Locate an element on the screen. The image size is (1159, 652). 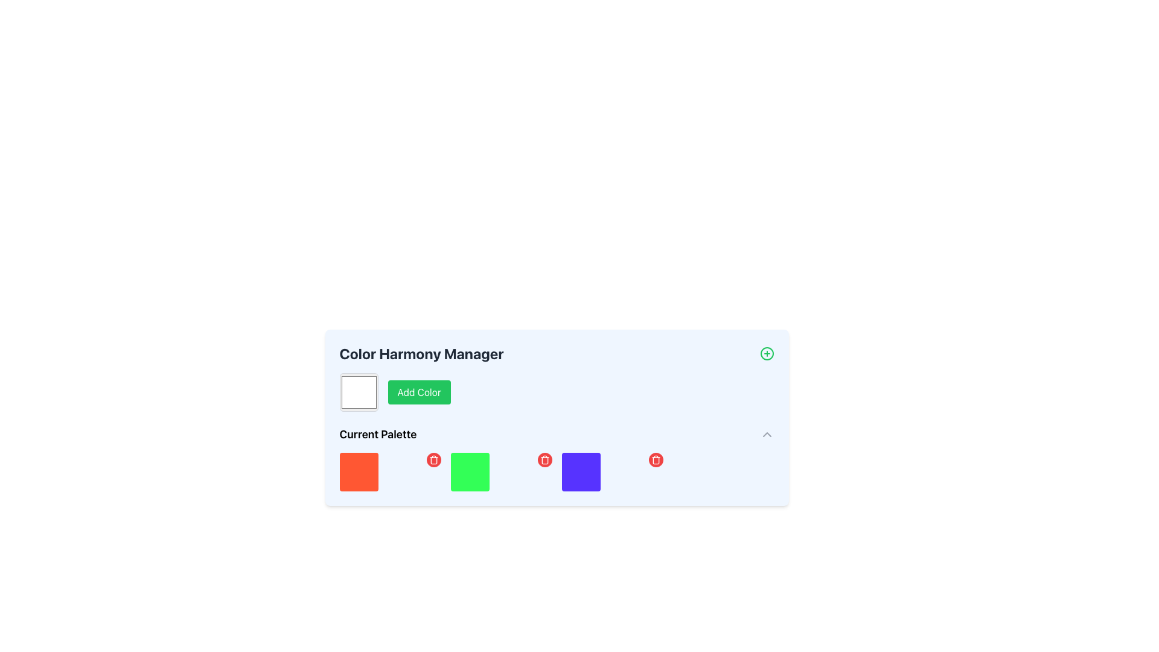
the SVG graphic representing a circle located in the upper-right corner of the interactive panel, indicating an additive or interactive functionality is located at coordinates (766, 353).